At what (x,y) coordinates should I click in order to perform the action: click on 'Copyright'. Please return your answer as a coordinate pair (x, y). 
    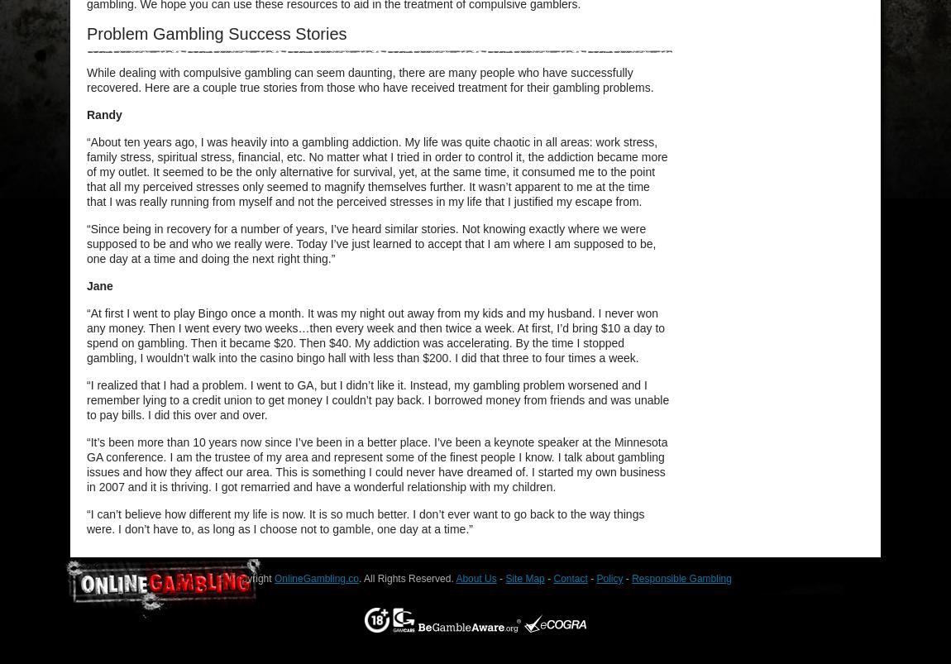
    Looking at the image, I should click on (251, 577).